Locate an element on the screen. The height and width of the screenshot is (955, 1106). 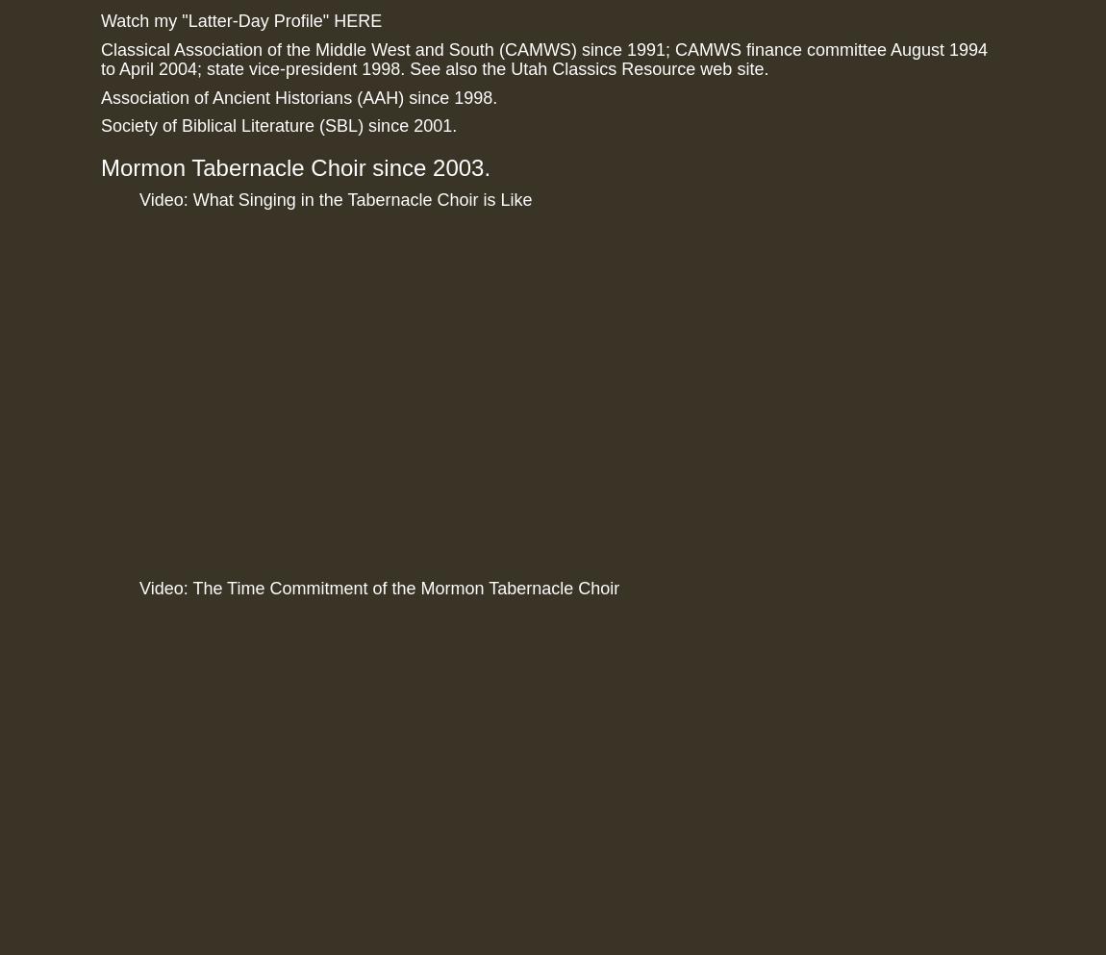
'Watch my "Latter-Day Profile" HERE' is located at coordinates (240, 20).